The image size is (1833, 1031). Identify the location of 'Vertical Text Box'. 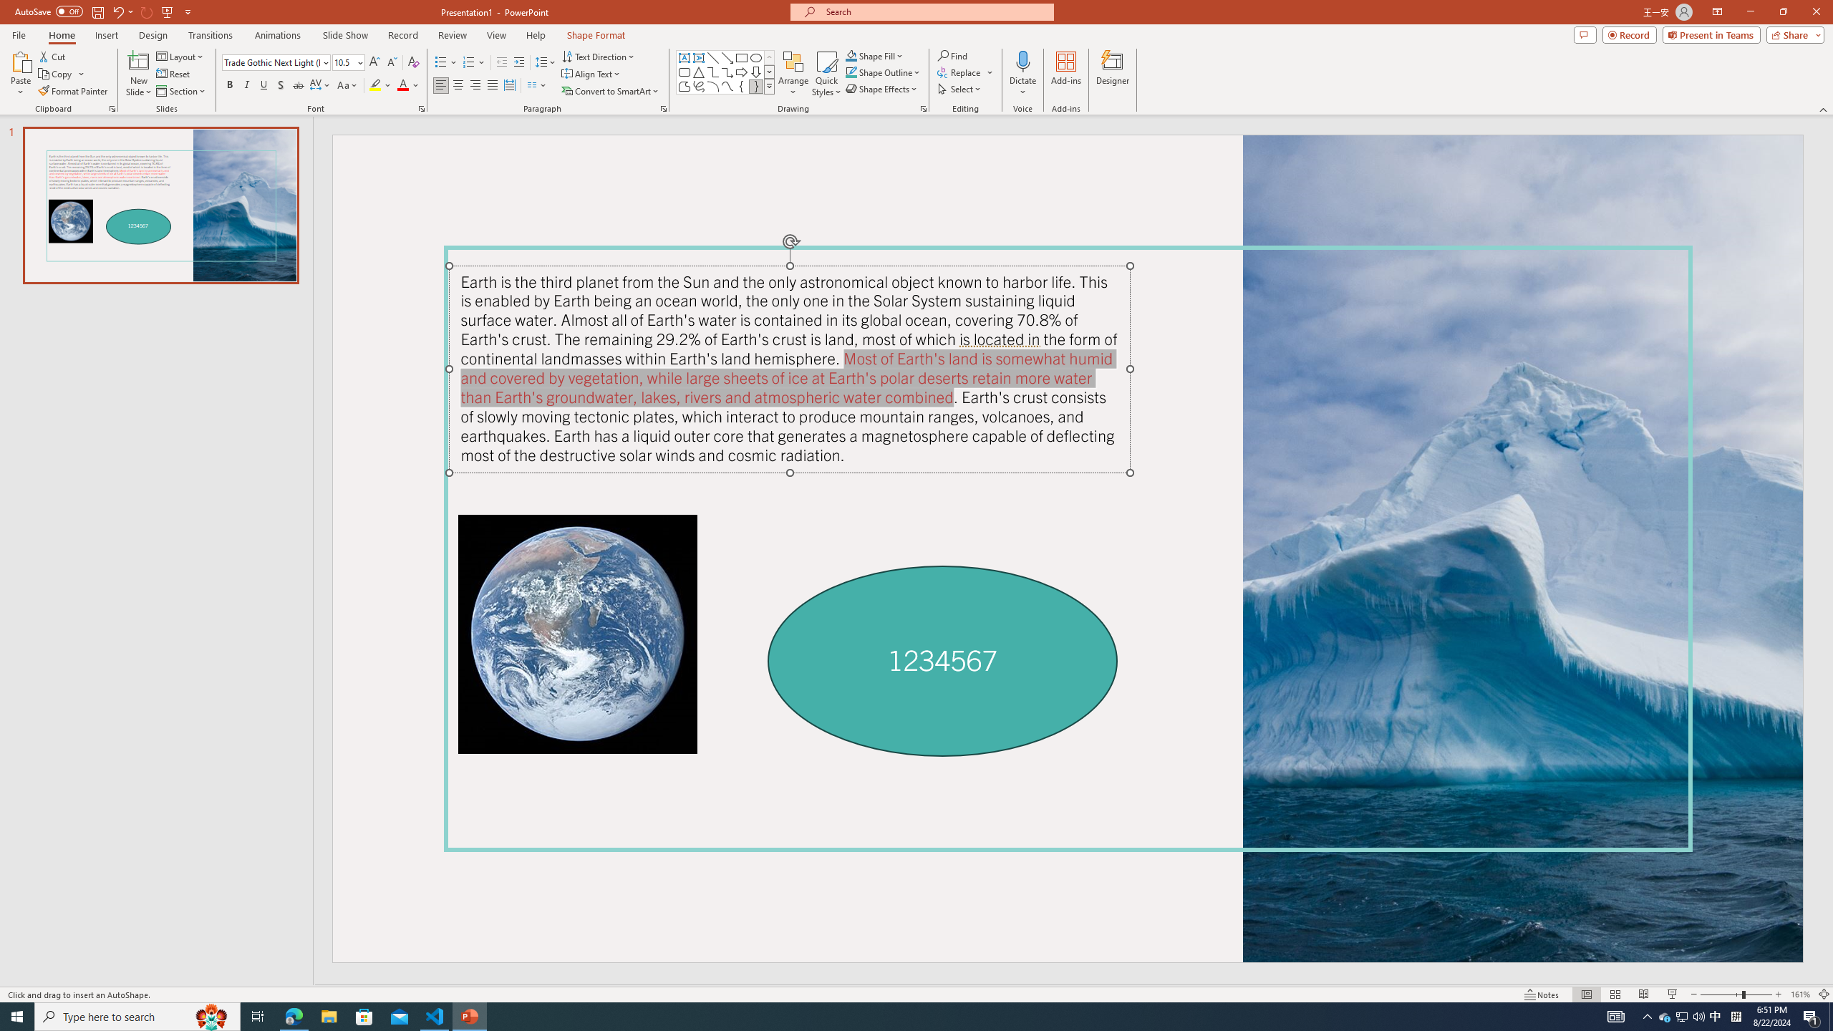
(697, 57).